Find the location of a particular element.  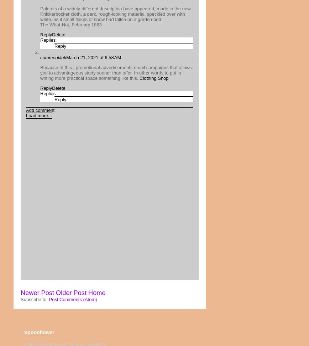

'Subscribe to:' is located at coordinates (35, 299).